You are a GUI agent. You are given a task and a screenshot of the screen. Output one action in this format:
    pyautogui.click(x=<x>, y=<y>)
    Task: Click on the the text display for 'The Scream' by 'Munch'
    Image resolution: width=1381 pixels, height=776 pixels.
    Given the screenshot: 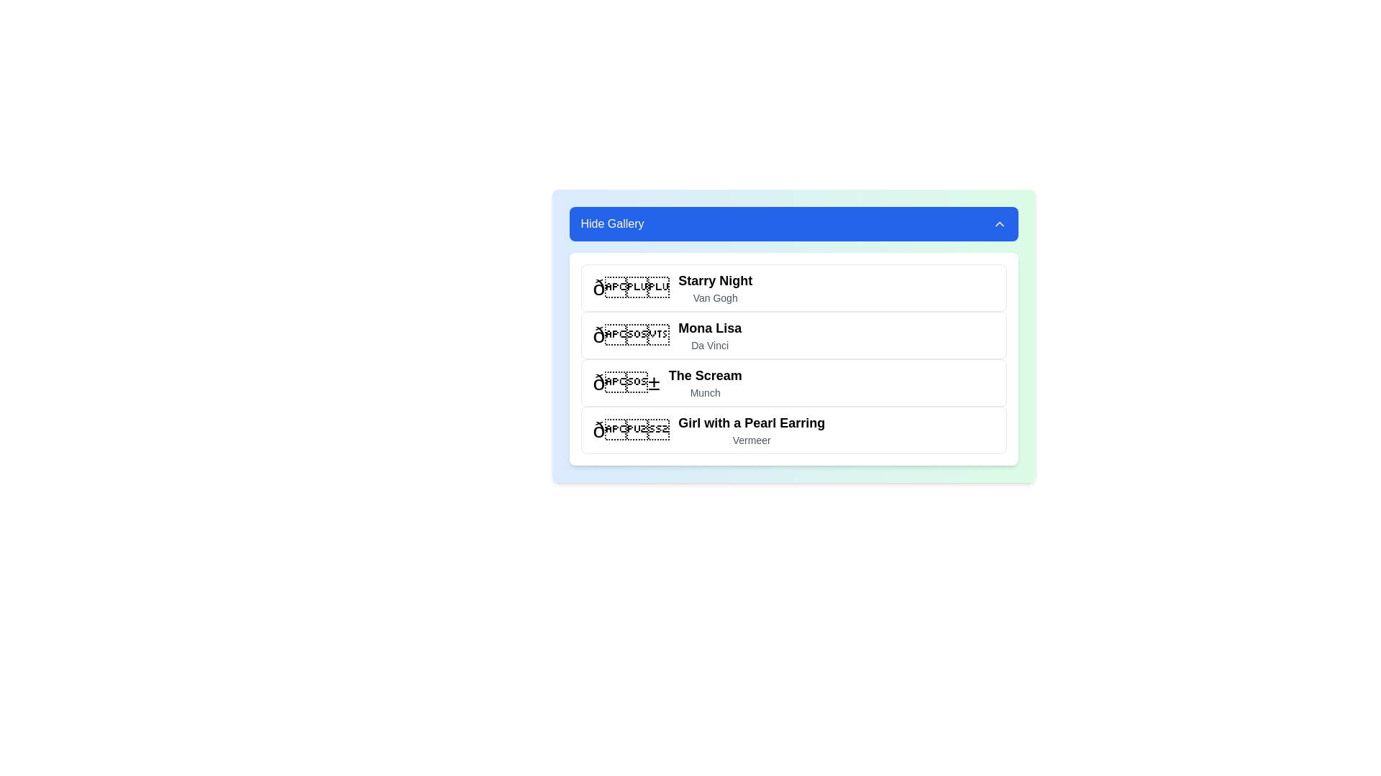 What is the action you would take?
    pyautogui.click(x=705, y=382)
    